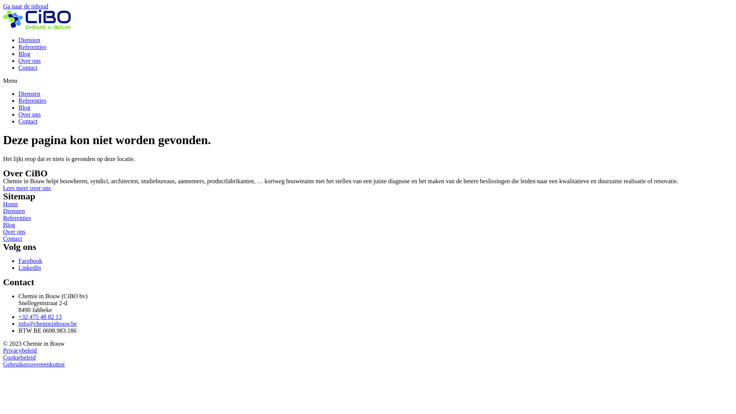  What do you see at coordinates (14, 211) in the screenshot?
I see `'Diensten'` at bounding box center [14, 211].